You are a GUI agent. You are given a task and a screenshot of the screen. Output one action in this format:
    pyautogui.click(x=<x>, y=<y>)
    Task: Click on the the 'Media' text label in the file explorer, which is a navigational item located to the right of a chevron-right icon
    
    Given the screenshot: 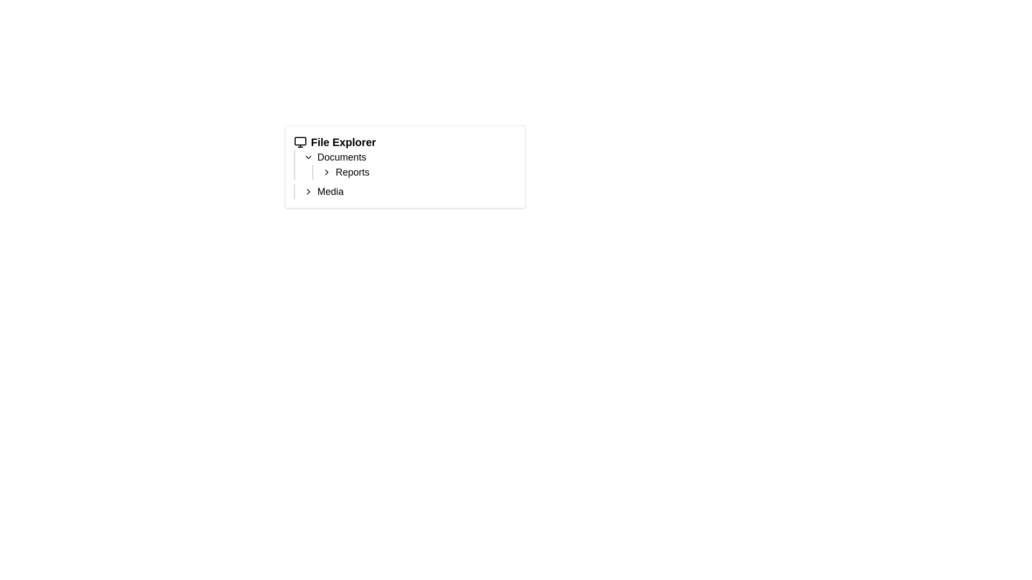 What is the action you would take?
    pyautogui.click(x=329, y=191)
    